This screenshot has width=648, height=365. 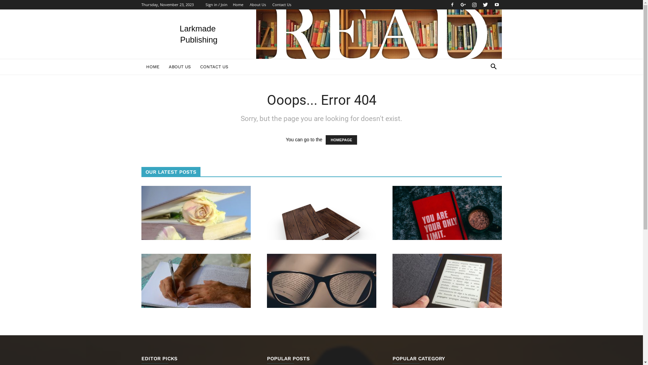 What do you see at coordinates (485, 5) in the screenshot?
I see `'Twitter'` at bounding box center [485, 5].